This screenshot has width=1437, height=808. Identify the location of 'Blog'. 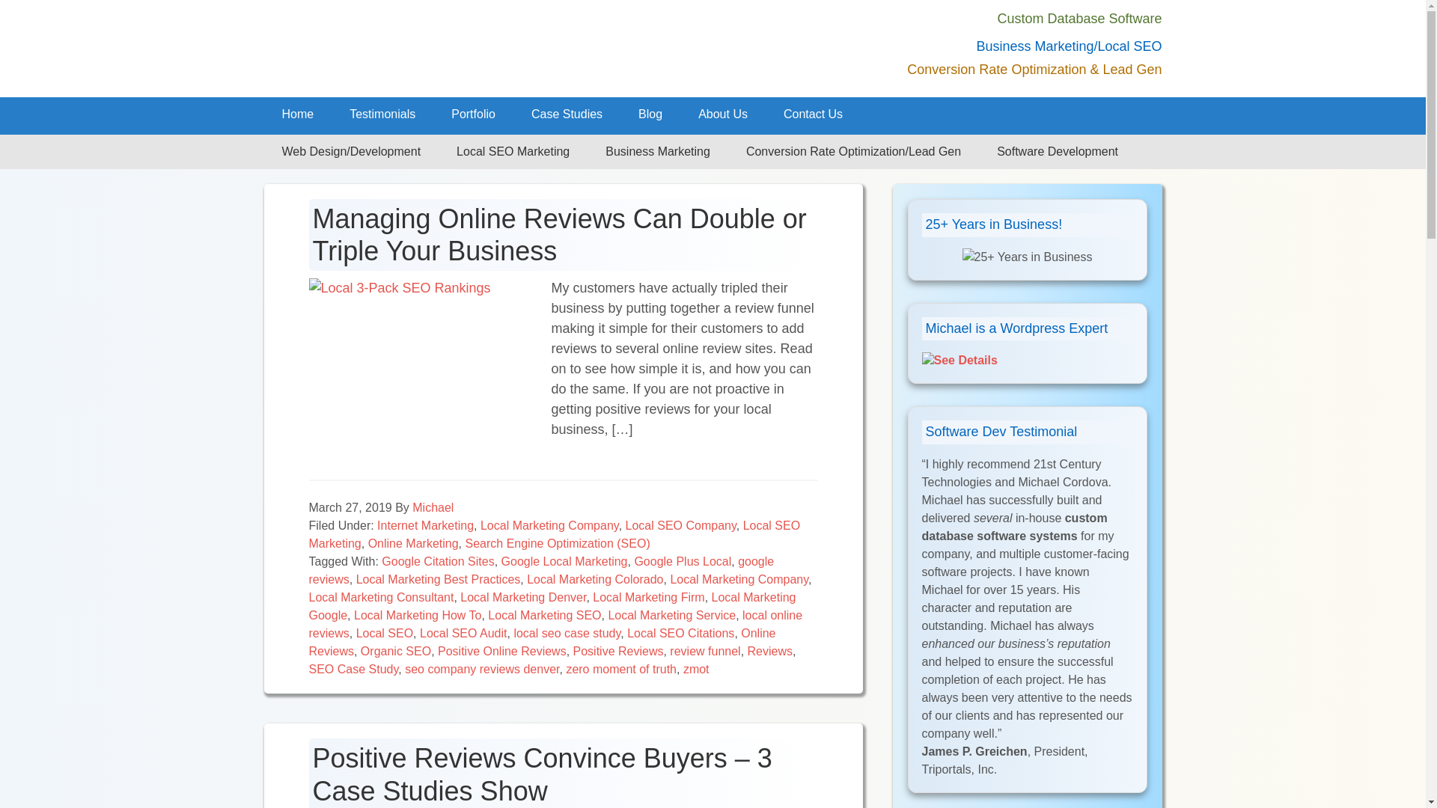
(650, 114).